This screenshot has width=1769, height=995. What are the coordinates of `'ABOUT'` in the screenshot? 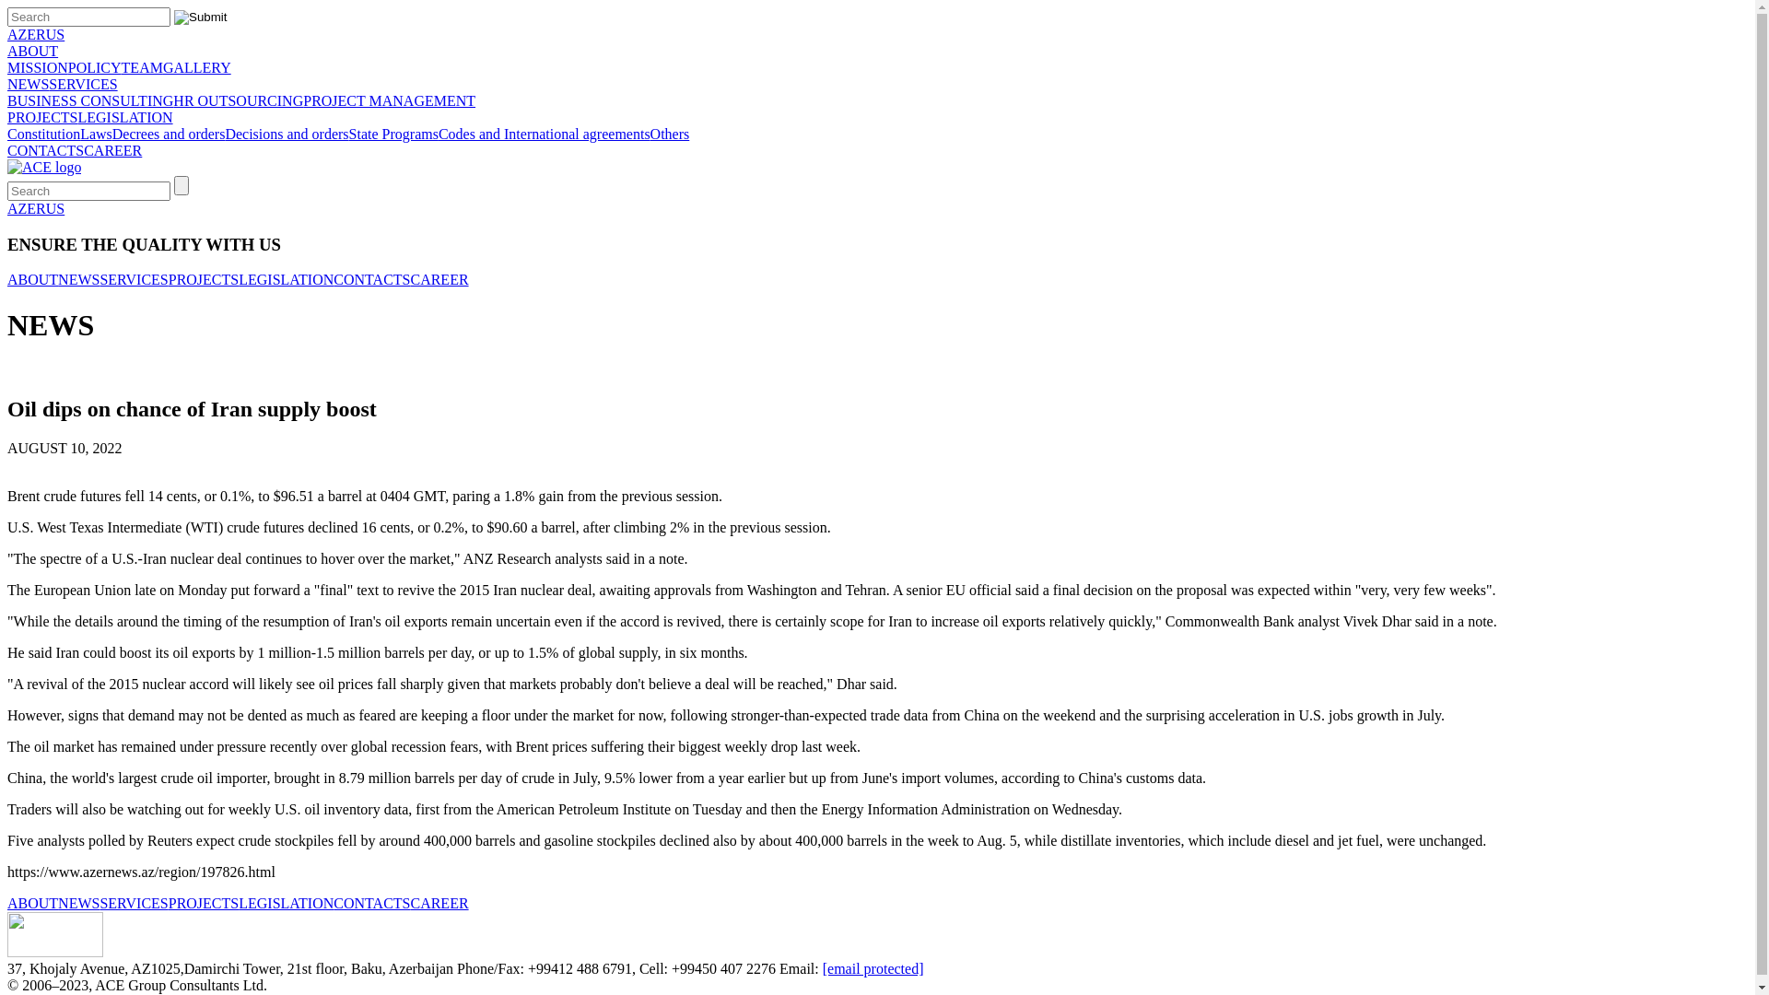 It's located at (32, 279).